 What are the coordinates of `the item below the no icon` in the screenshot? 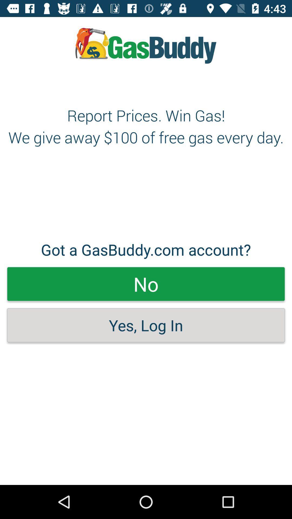 It's located at (146, 325).